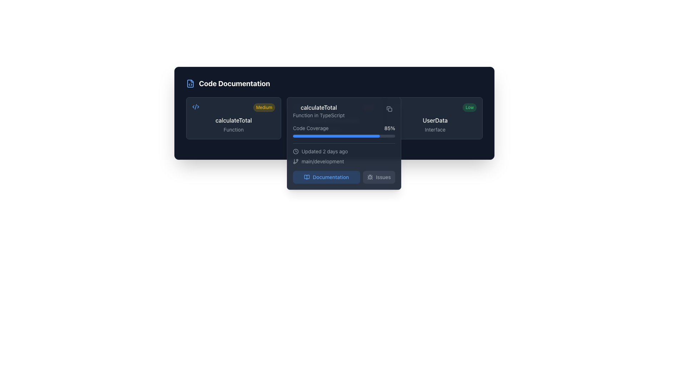 The image size is (686, 386). Describe the element at coordinates (344, 131) in the screenshot. I see `the Progress bar that visually represents the code coverage metric, positioned within the widget detailing a TypeScript function's information, located under the function's title and description` at that location.